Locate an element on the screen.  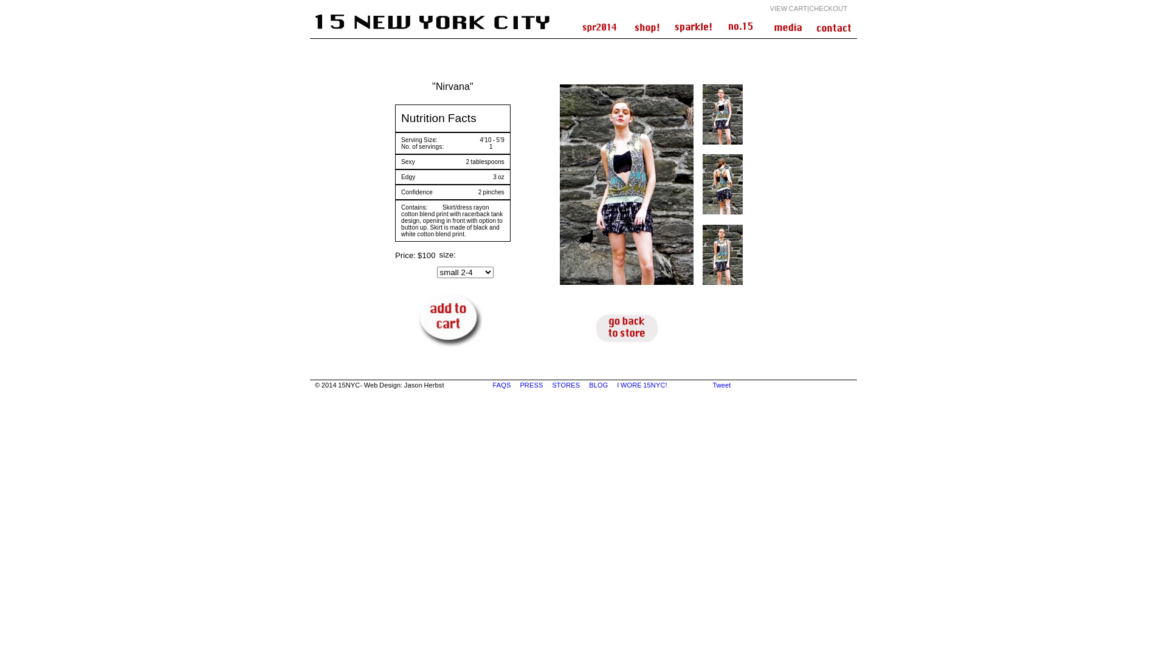
'I WORE 15NYC!' is located at coordinates (642, 384).